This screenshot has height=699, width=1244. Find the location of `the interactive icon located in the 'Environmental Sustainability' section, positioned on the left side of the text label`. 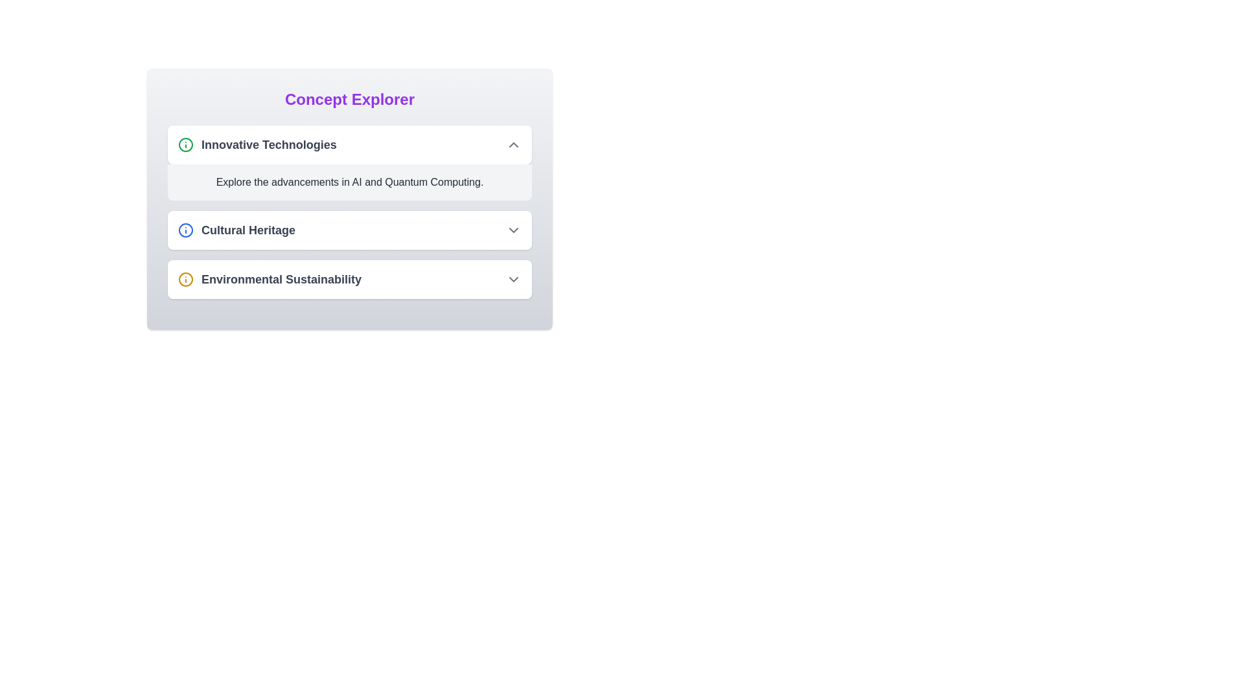

the interactive icon located in the 'Environmental Sustainability' section, positioned on the left side of the text label is located at coordinates (185, 279).